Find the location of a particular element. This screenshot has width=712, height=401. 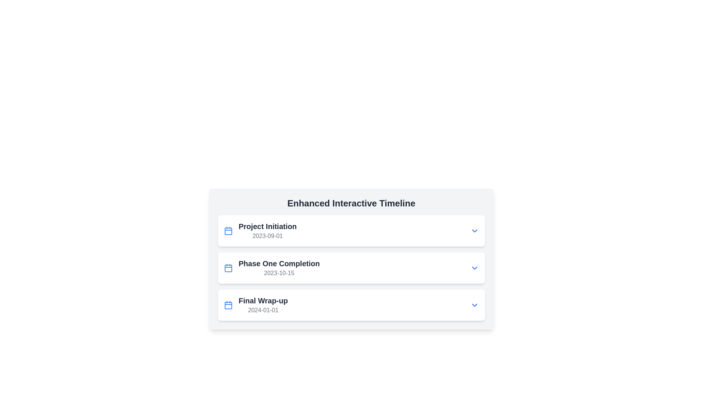

the downward pointing blue chevron icon is located at coordinates (474, 268).